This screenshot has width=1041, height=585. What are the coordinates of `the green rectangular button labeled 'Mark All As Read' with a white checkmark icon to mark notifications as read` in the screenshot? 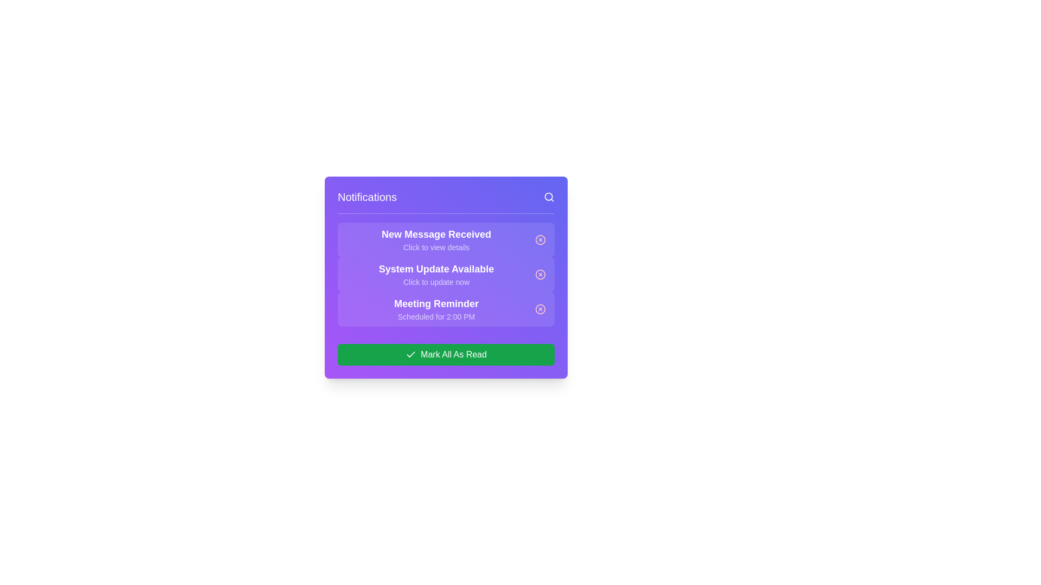 It's located at (446, 355).